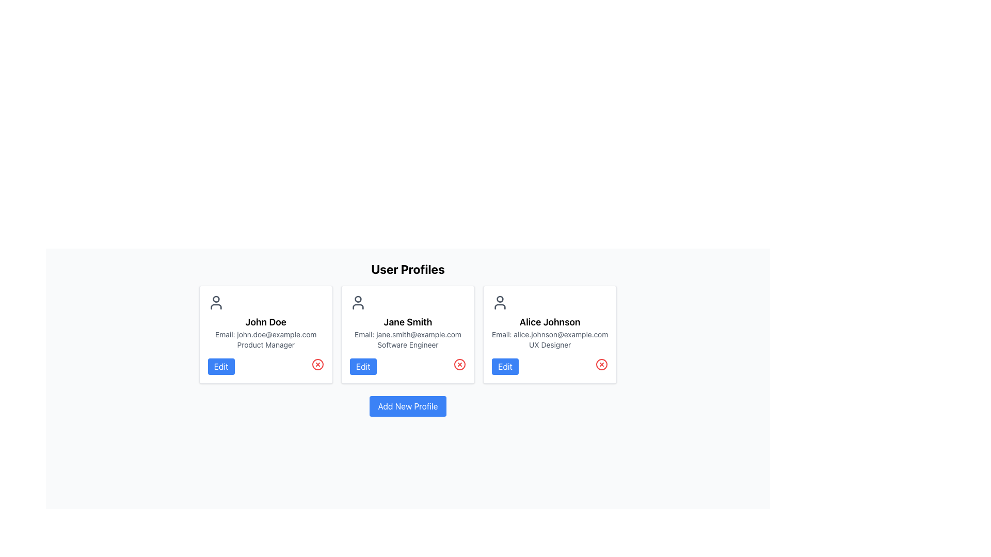 Image resolution: width=991 pixels, height=557 pixels. What do you see at coordinates (407, 366) in the screenshot?
I see `the 'Edit' button located in the bottom section of the card for 'Jane Smith', which is the last row of the middle user profile card` at bounding box center [407, 366].